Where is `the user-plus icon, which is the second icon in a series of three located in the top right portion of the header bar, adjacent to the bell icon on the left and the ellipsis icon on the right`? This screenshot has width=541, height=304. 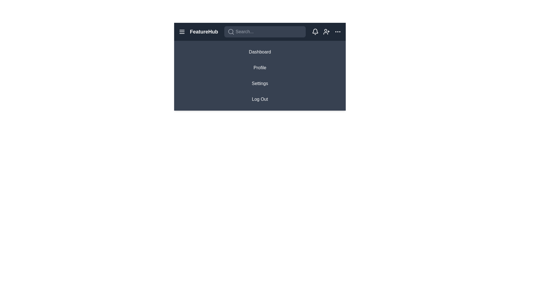
the user-plus icon, which is the second icon in a series of three located in the top right portion of the header bar, adjacent to the bell icon on the left and the ellipsis icon on the right is located at coordinates (326, 32).